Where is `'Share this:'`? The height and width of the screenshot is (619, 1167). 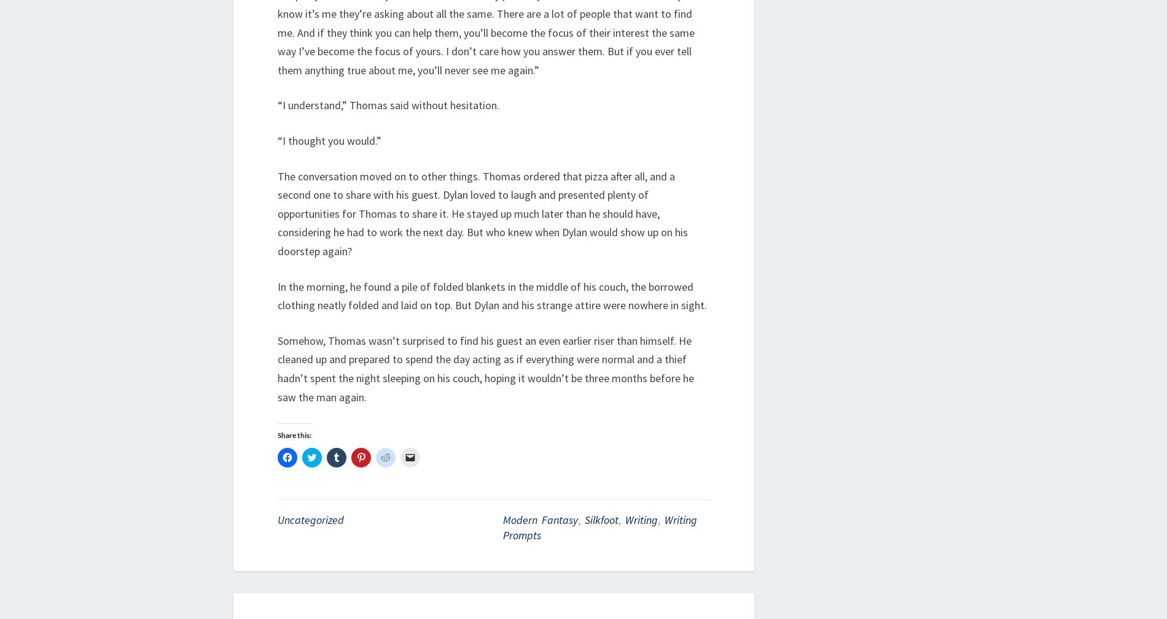
'Share this:' is located at coordinates (294, 435).